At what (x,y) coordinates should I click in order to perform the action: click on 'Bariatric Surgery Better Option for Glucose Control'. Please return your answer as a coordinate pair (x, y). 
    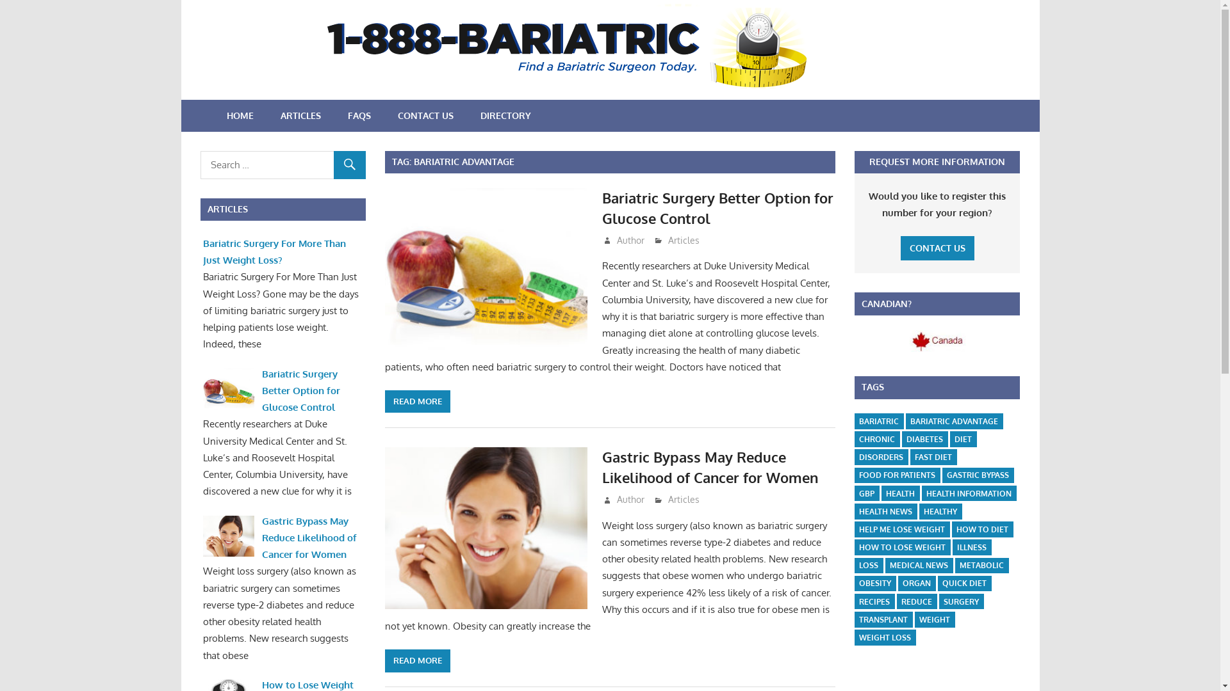
    Looking at the image, I should click on (300, 390).